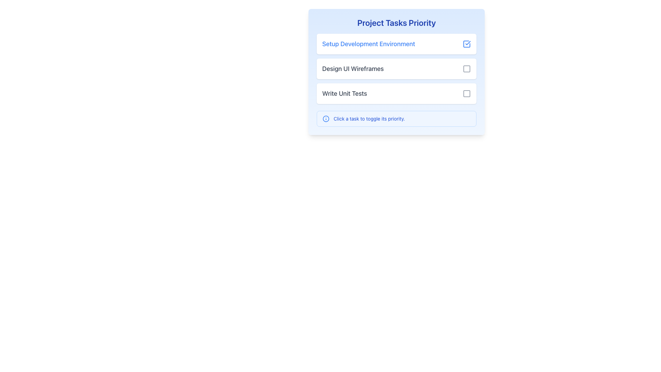  Describe the element at coordinates (467, 94) in the screenshot. I see `the gray square checkbox representing the unchecked state in the 'Write Unit Tests' task entry` at that location.